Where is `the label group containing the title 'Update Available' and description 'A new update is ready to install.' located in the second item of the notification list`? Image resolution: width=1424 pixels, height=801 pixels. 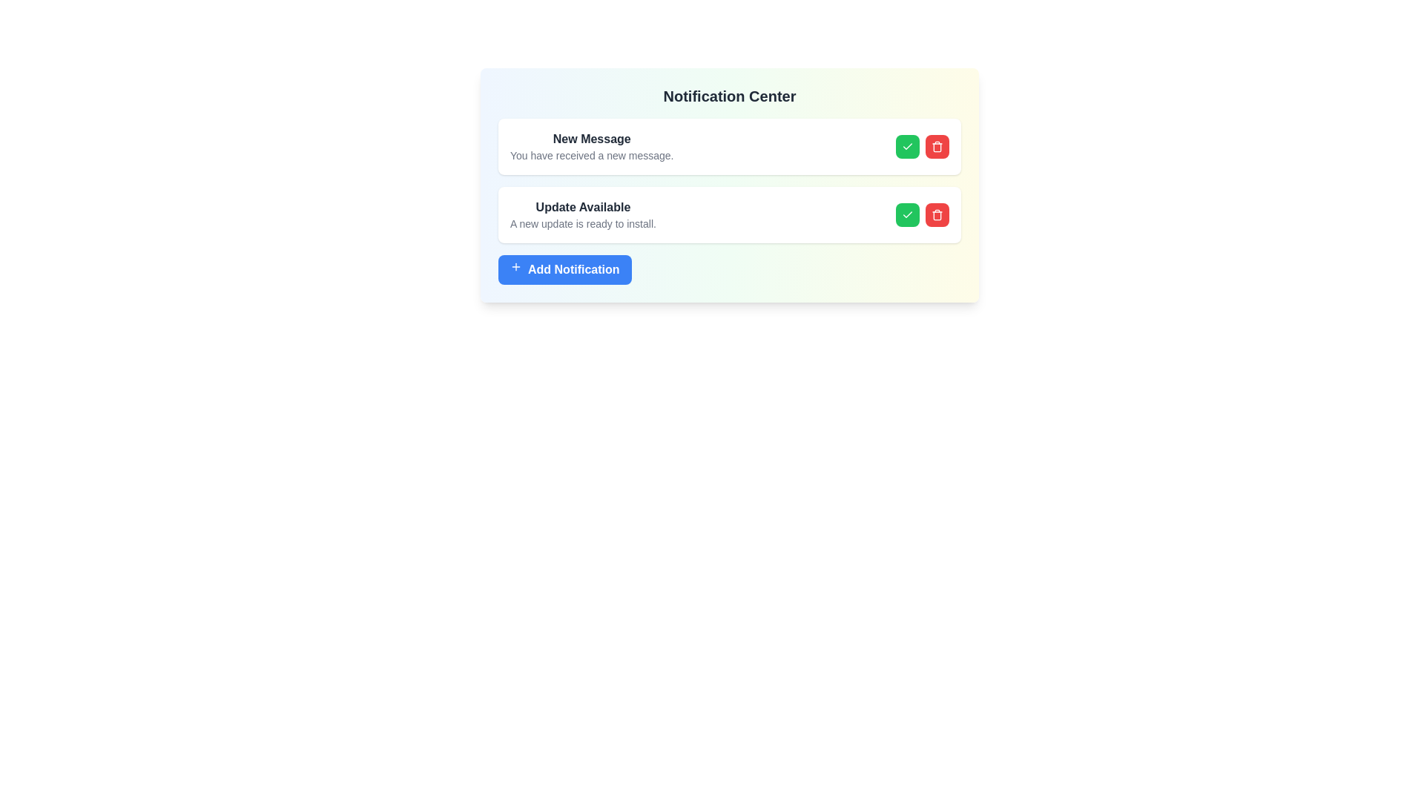
the label group containing the title 'Update Available' and description 'A new update is ready to install.' located in the second item of the notification list is located at coordinates (582, 214).